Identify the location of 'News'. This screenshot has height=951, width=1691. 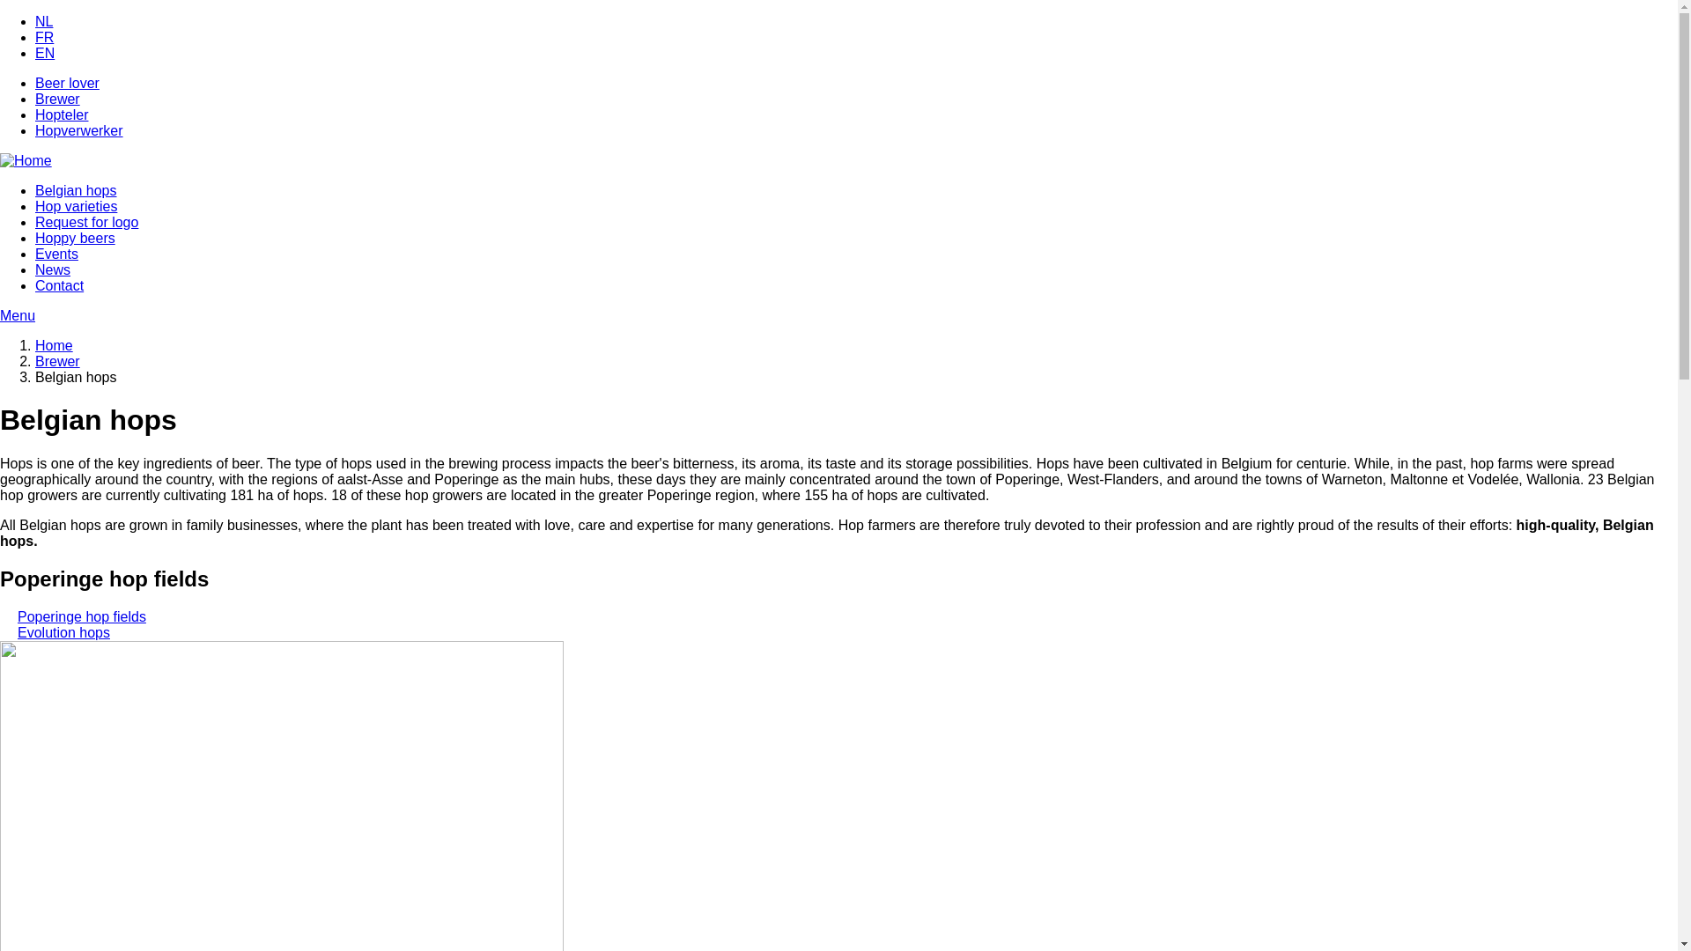
(52, 269).